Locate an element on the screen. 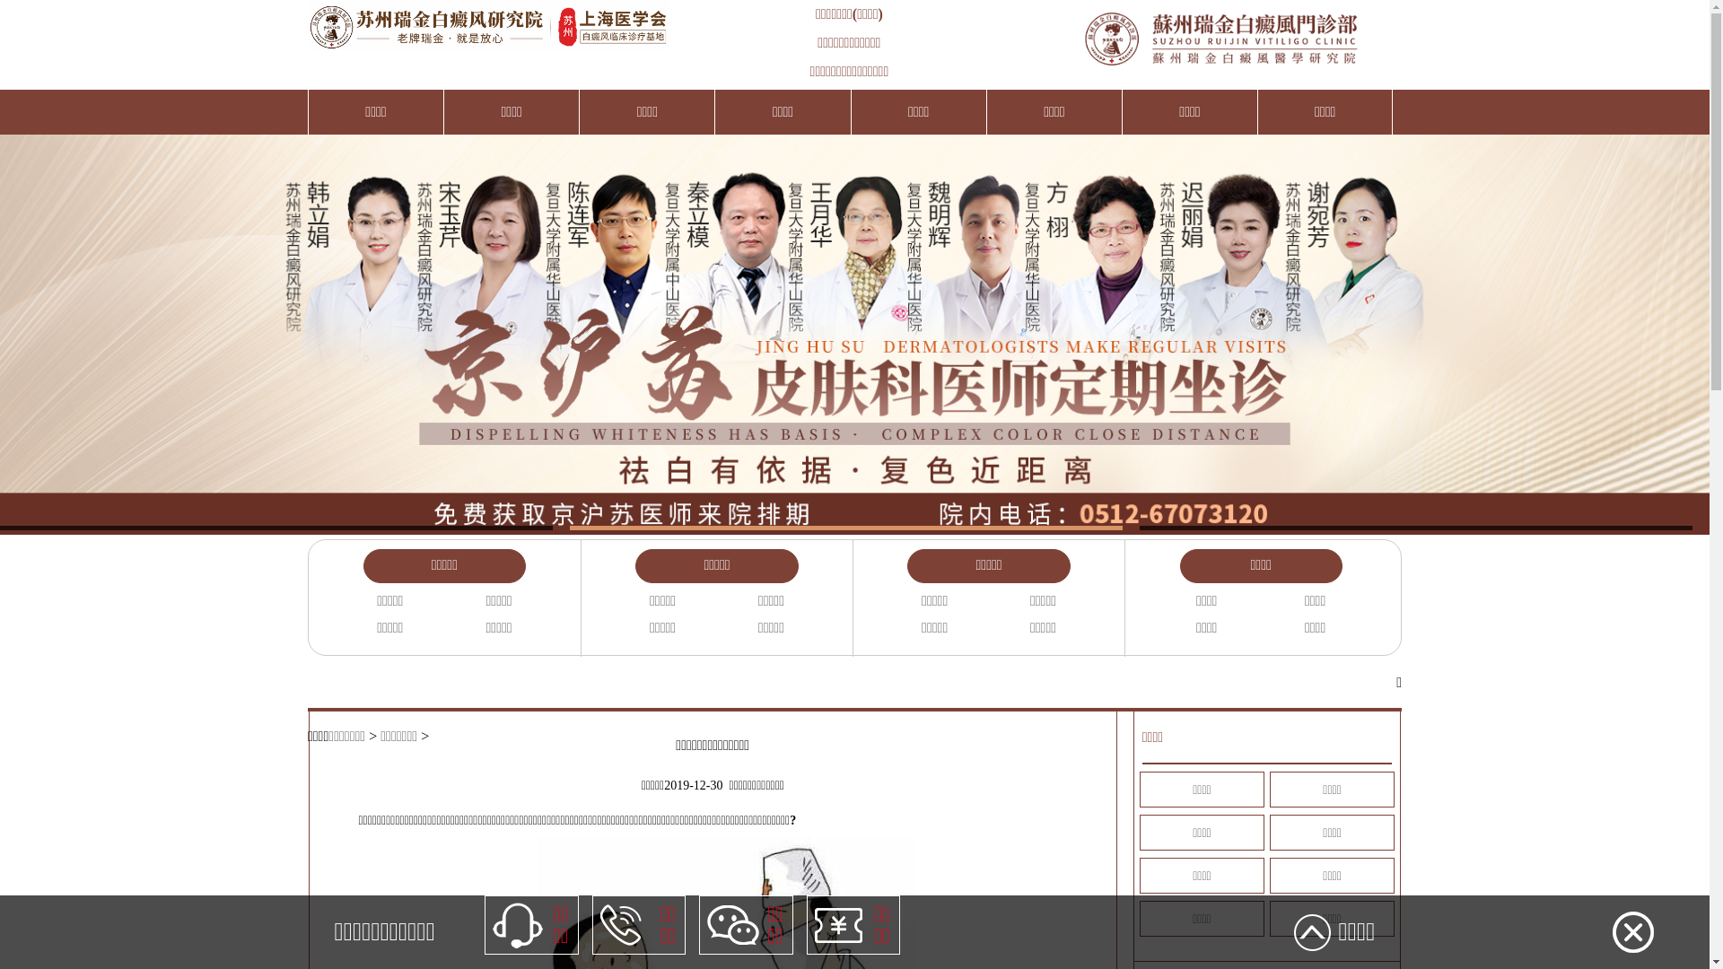 This screenshot has height=969, width=1723. 'banner1' is located at coordinates (853, 325).